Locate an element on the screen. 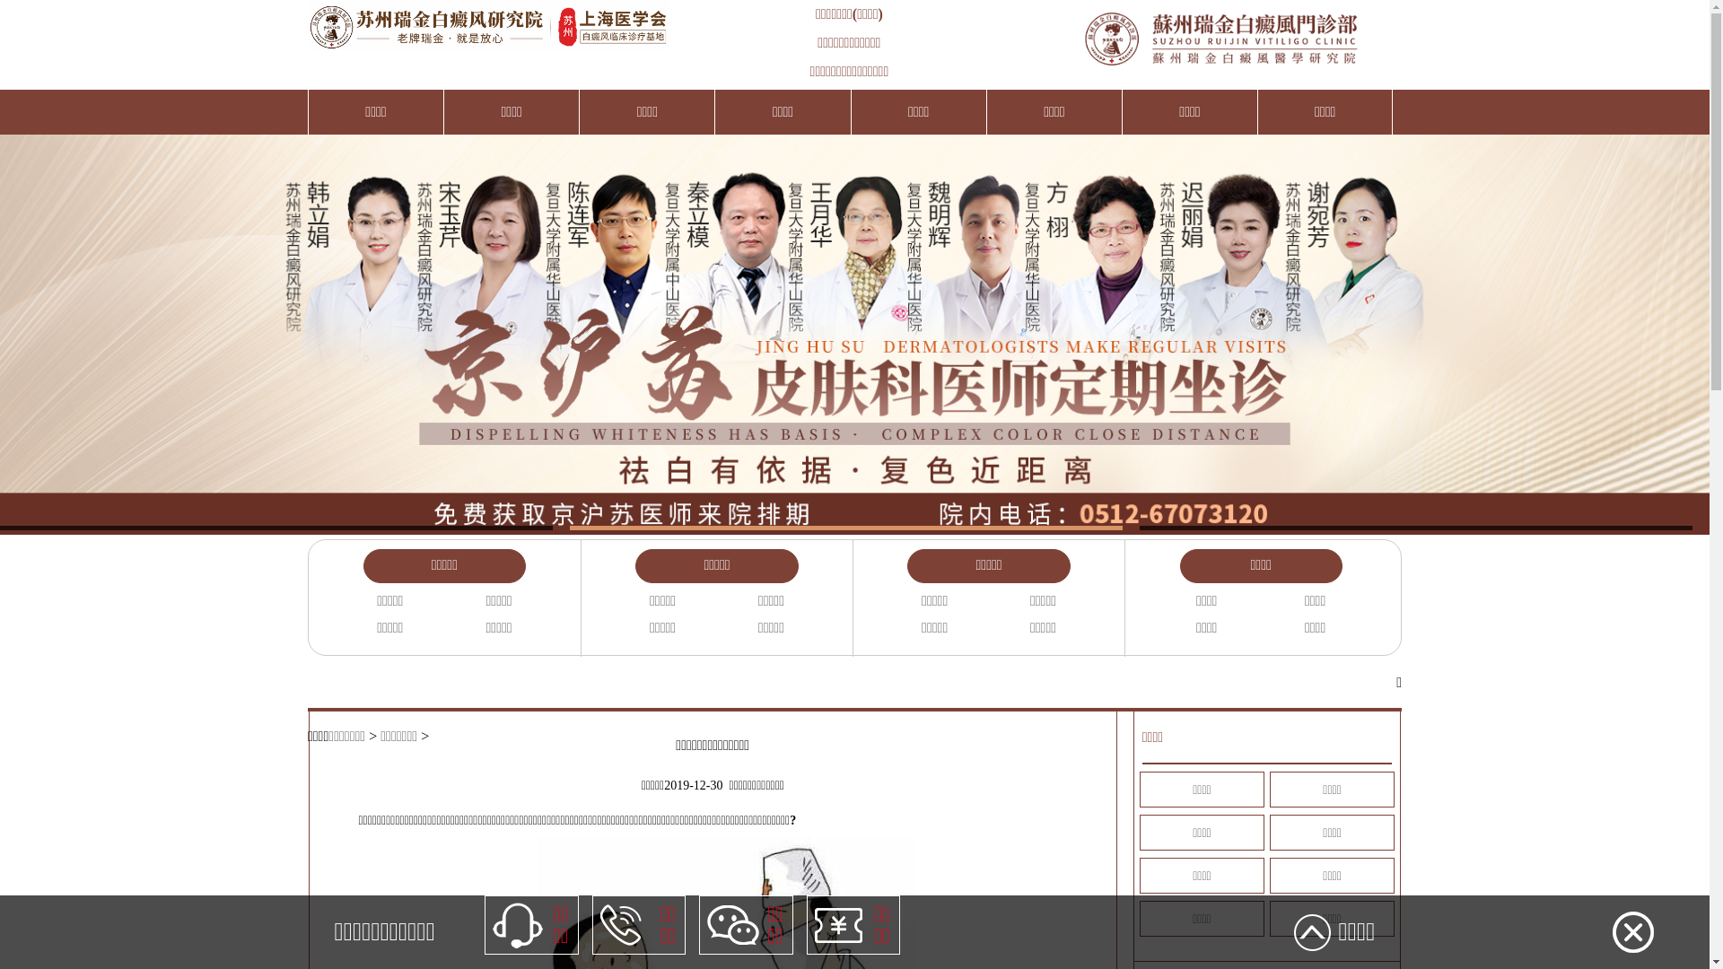 This screenshot has height=969, width=1723. 'banner1' is located at coordinates (853, 325).